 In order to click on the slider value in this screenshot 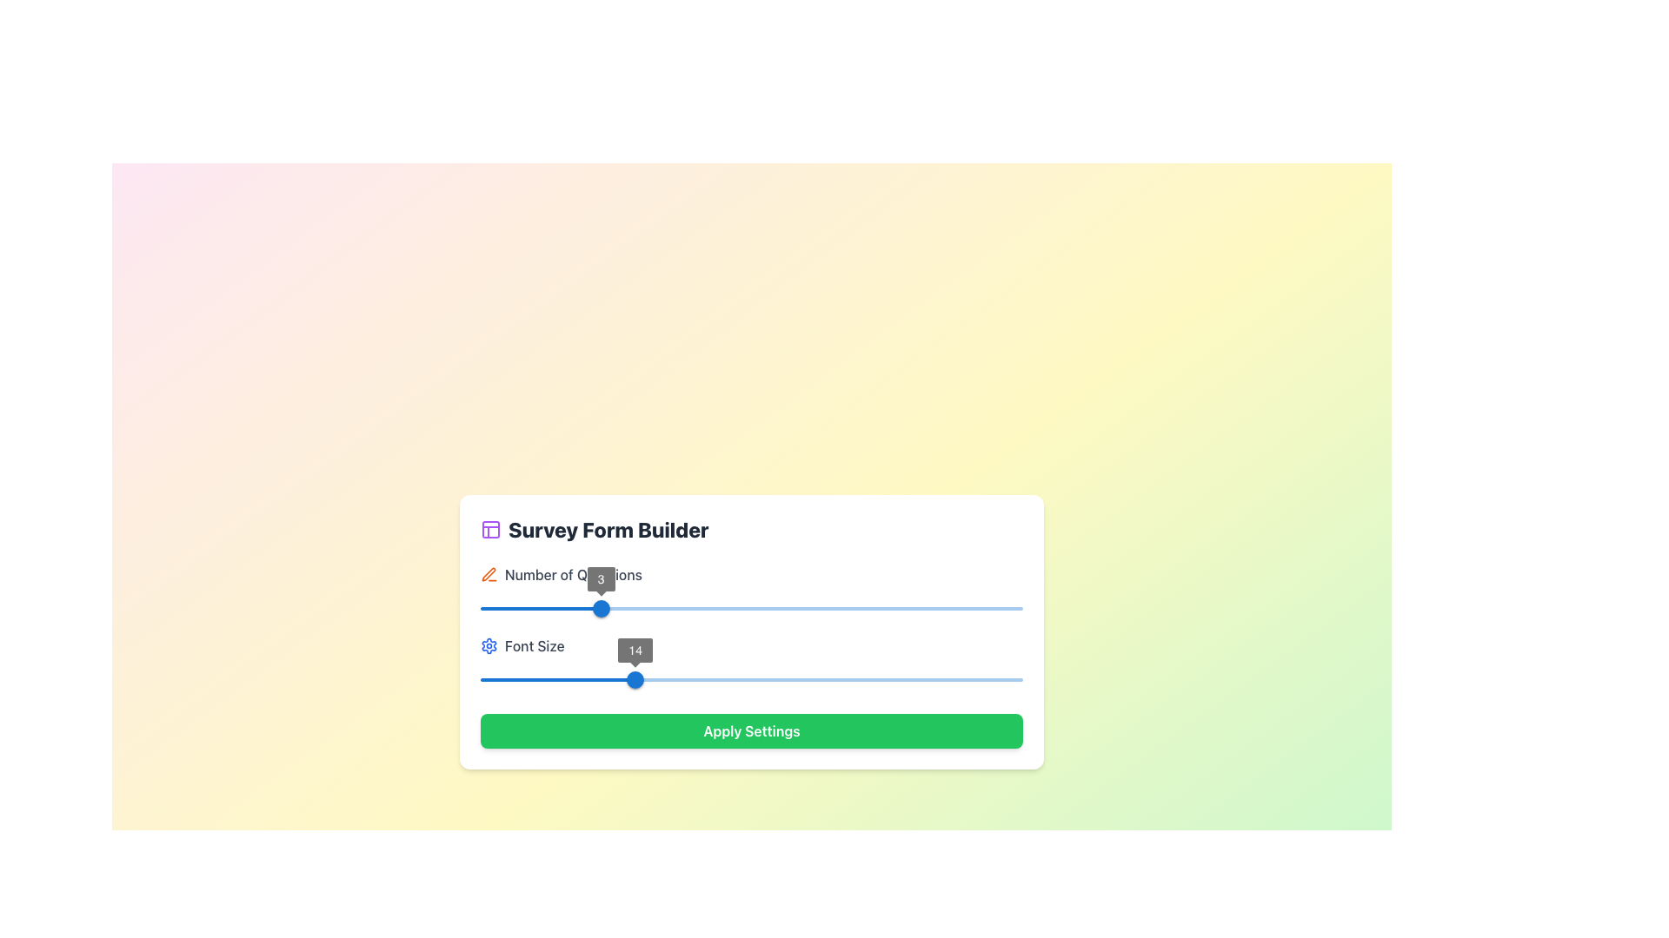, I will do `click(550, 679)`.